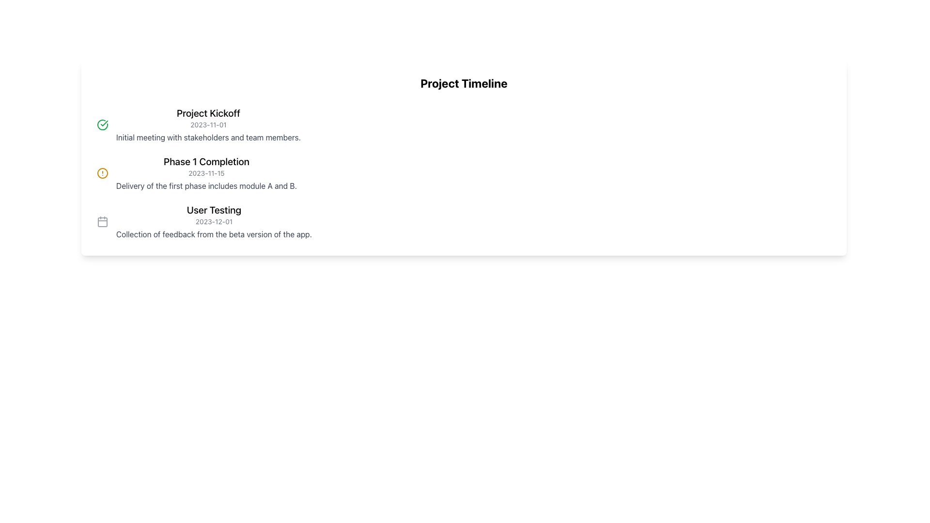 This screenshot has height=523, width=930. Describe the element at coordinates (208, 124) in the screenshot. I see `date text displayed in light gray color below the title 'Project Kickoff' in the timeline layout` at that location.